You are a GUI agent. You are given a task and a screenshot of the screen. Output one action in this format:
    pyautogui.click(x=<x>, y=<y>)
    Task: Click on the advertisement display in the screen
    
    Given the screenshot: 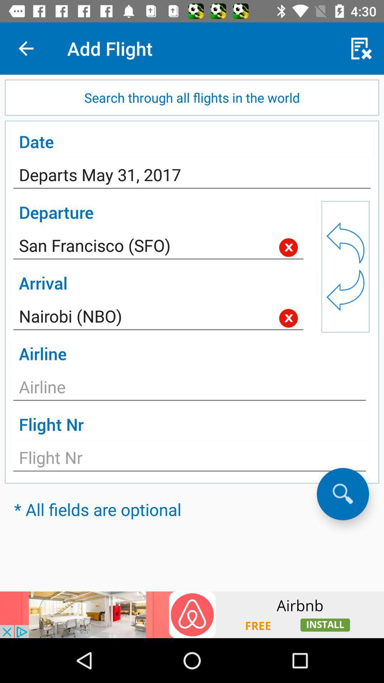 What is the action you would take?
    pyautogui.click(x=192, y=614)
    